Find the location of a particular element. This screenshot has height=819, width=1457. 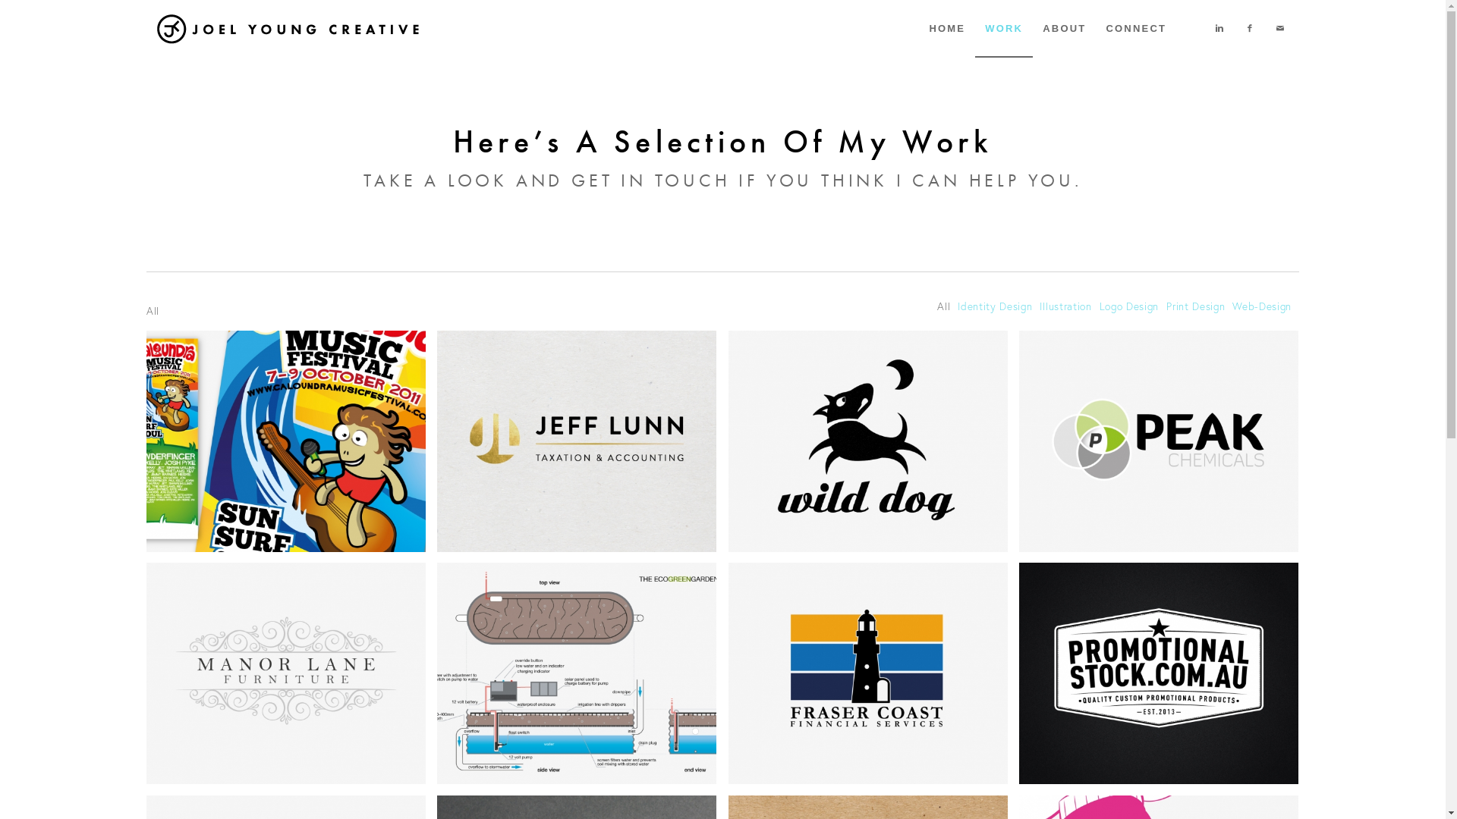

'Logo Design' is located at coordinates (1129, 307).